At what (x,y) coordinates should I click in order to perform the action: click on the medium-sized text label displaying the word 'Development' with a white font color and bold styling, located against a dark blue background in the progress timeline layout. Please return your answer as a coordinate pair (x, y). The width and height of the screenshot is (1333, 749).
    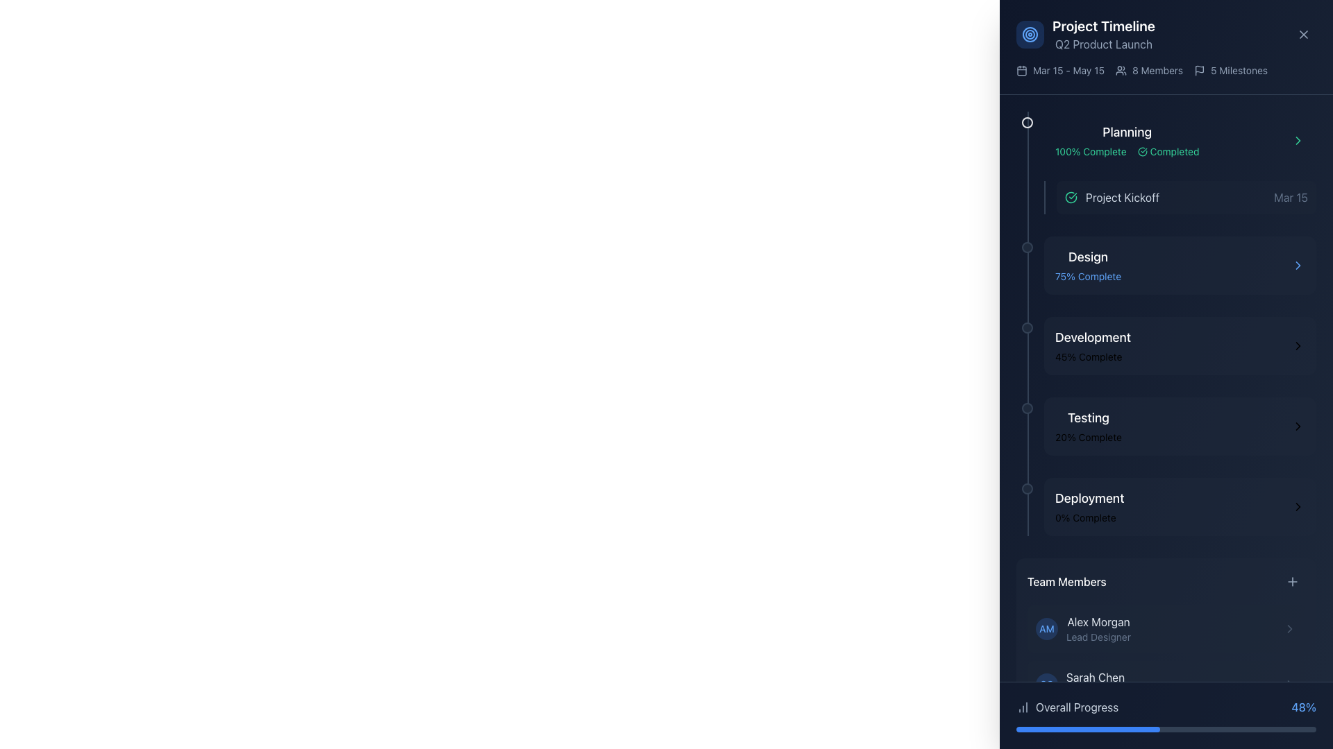
    Looking at the image, I should click on (1092, 337).